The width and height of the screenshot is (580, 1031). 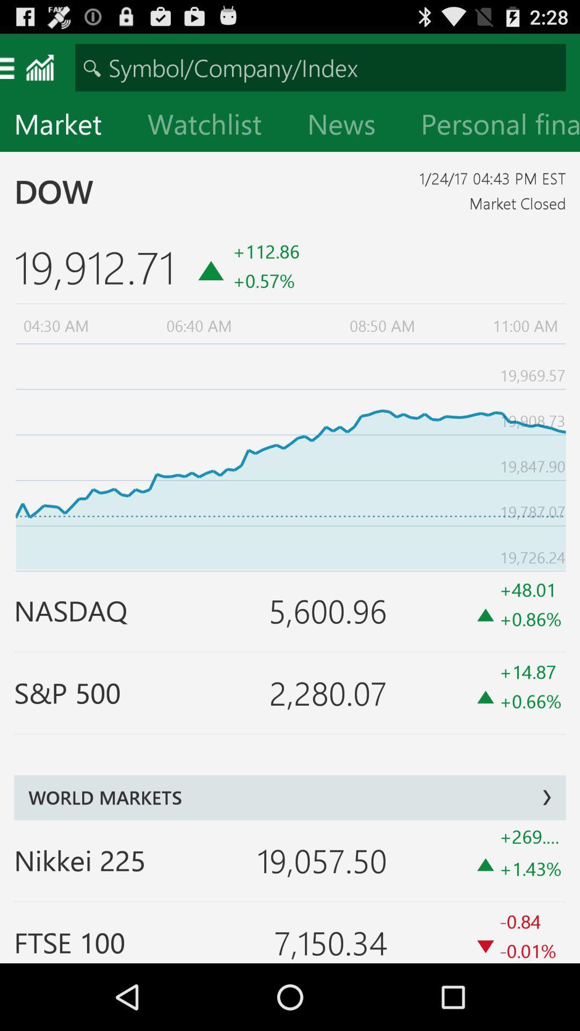 I want to click on item below the 19,912.71 icon, so click(x=290, y=456).